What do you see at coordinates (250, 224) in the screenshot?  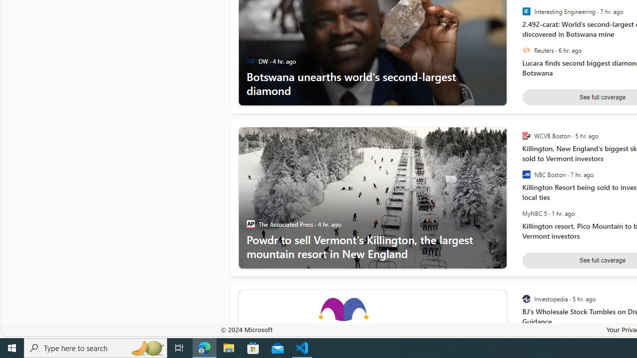 I see `'The Associated Press'` at bounding box center [250, 224].